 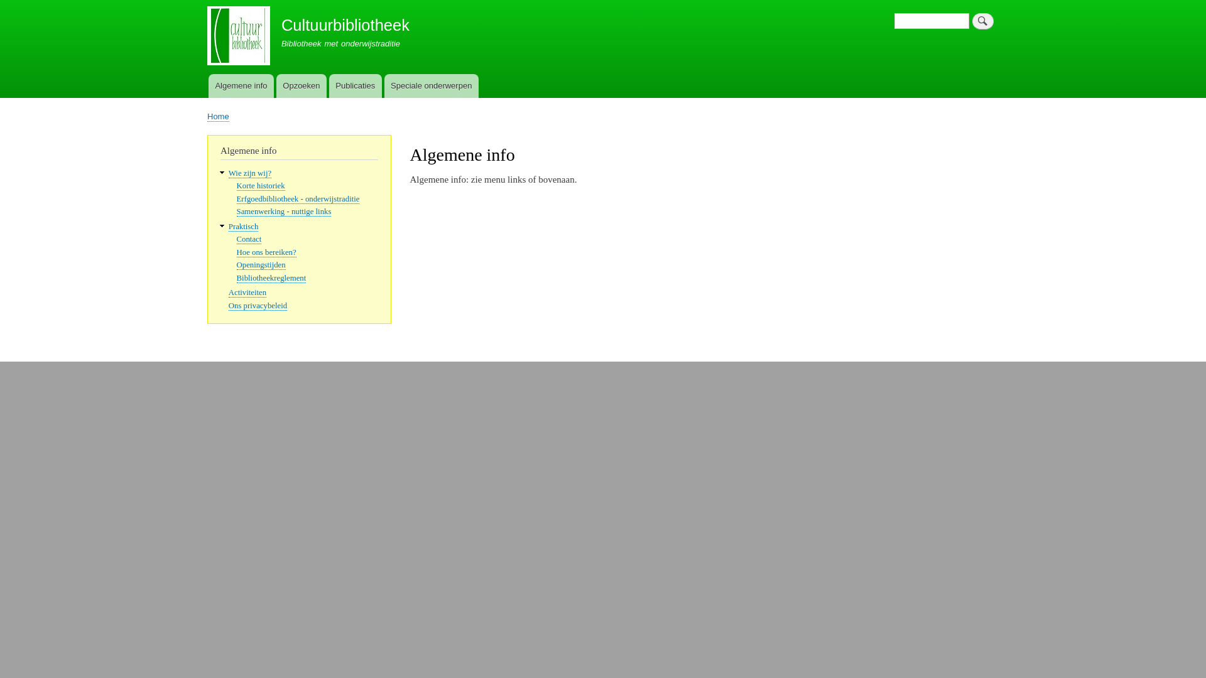 I want to click on 'Bibliotheekreglement', so click(x=271, y=277).